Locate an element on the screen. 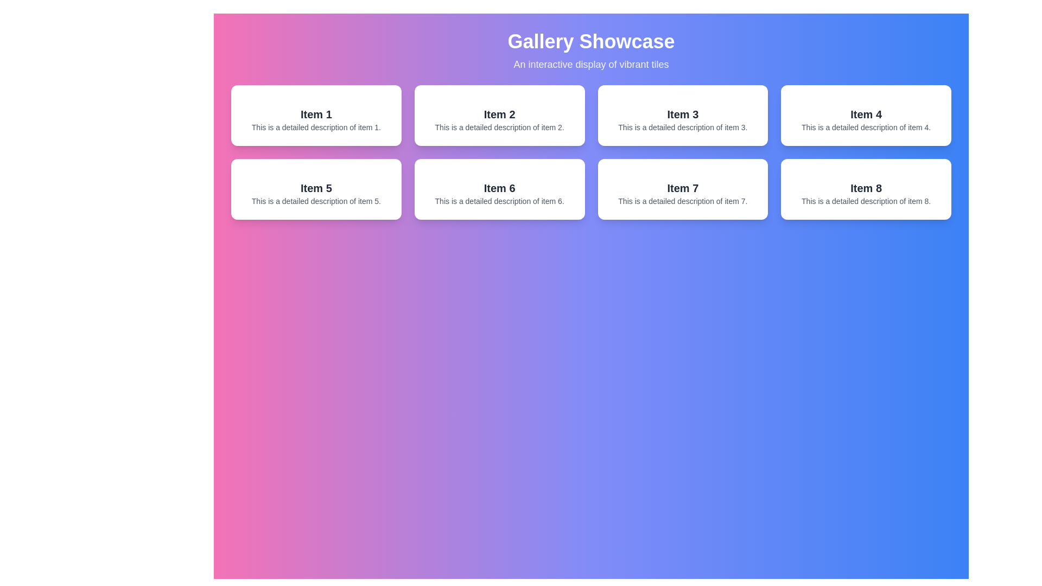 The image size is (1042, 586). text content of the line displaying 'An interactive display of vibrant tiles', which is styled in a medium-sized sans-serif font and is centrally aligned beneath the heading 'Gallery Showcase' is located at coordinates (590, 65).